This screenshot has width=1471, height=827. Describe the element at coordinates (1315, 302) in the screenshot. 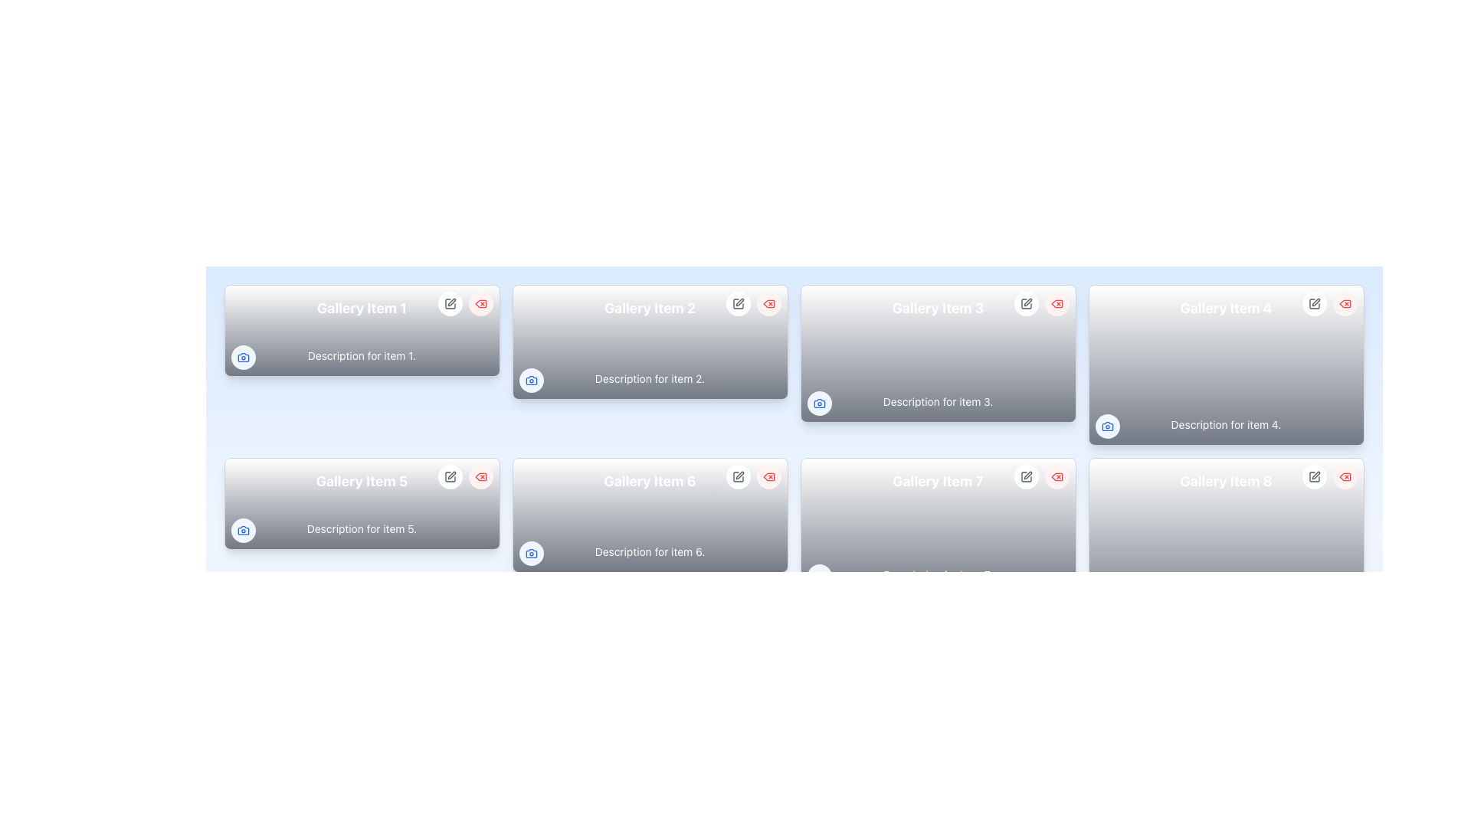

I see `the button with a pen icon located in the upper right corner of the 'Gallery Item 4' card` at that location.